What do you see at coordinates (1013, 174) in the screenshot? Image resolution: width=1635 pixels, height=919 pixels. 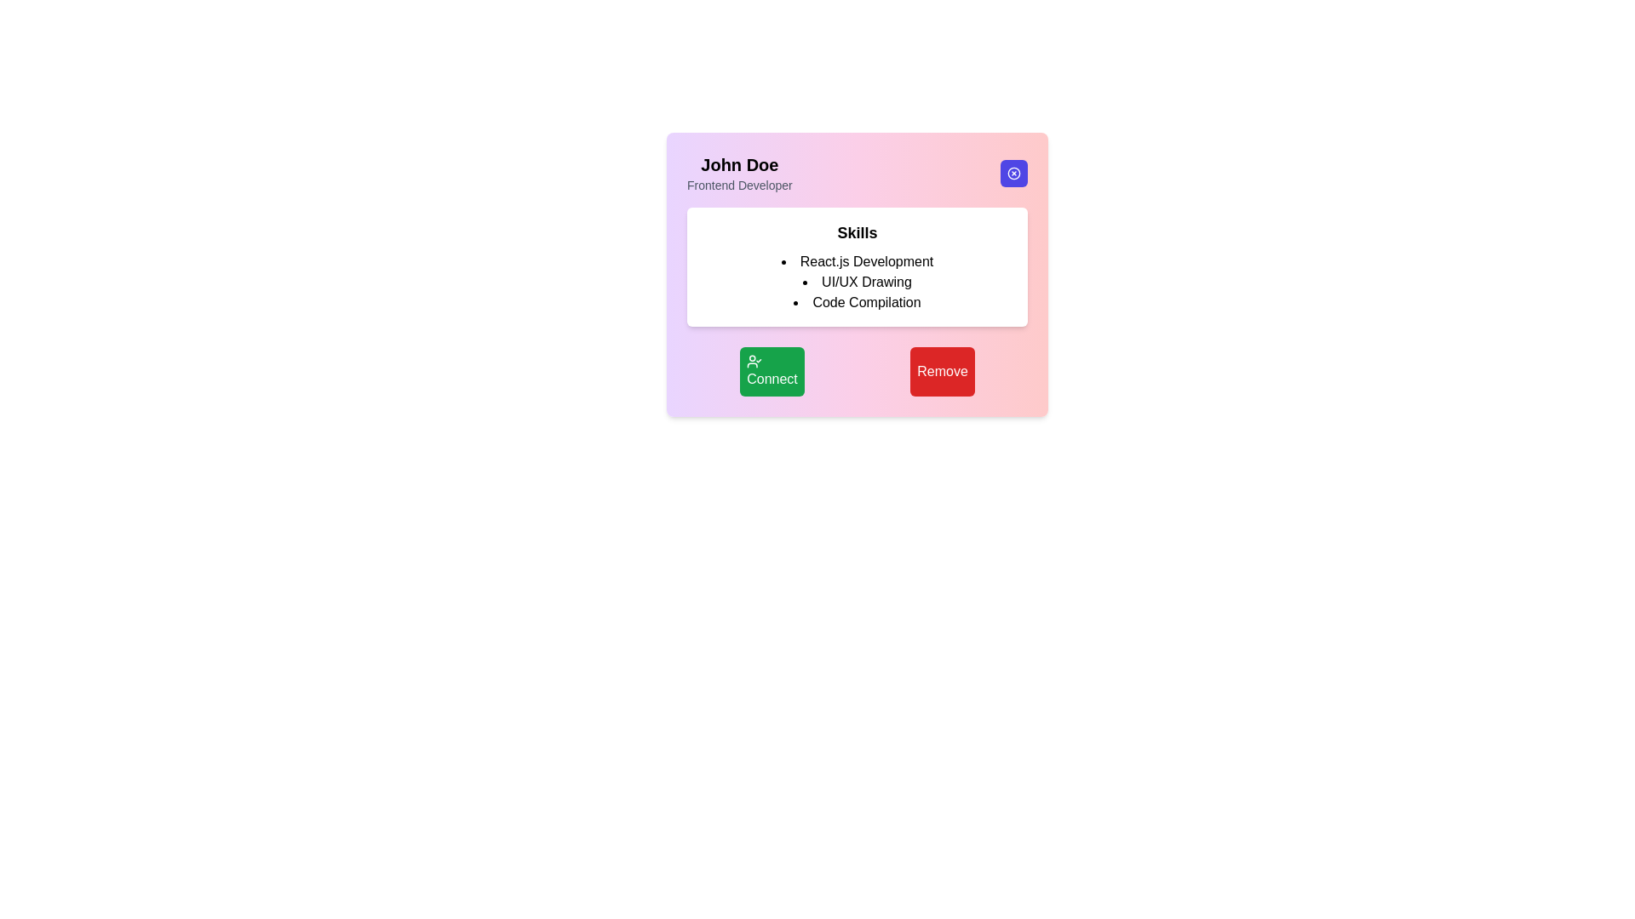 I see `the small circular blue button with a white border featuring an 'x' icon, located in the upper-right corner of the header section` at bounding box center [1013, 174].